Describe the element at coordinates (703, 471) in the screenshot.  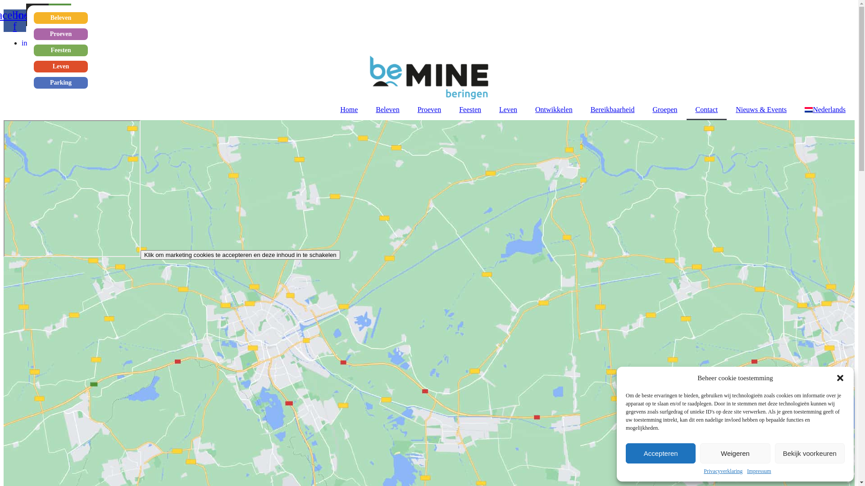
I see `'Privacyverklaring'` at that location.